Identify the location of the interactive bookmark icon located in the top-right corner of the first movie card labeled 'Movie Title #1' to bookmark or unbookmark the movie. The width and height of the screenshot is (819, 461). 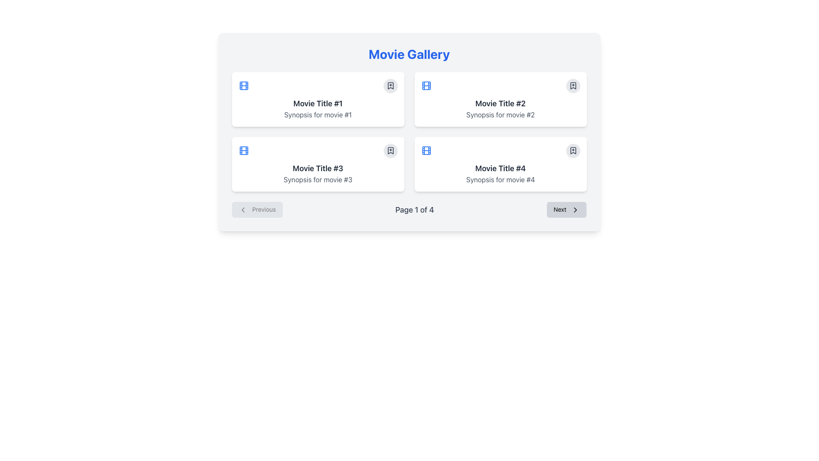
(390, 85).